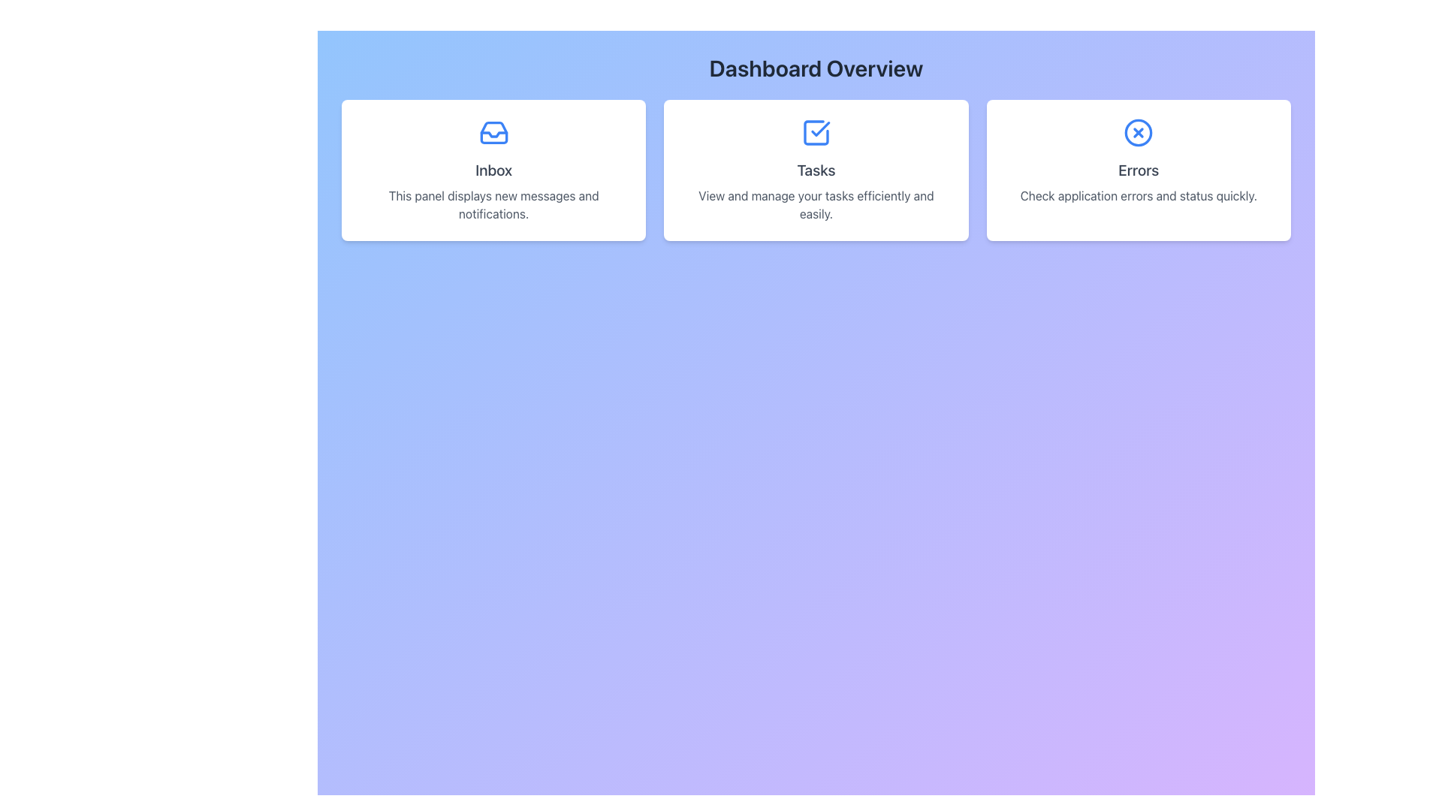 The image size is (1442, 811). What do you see at coordinates (493, 205) in the screenshot?
I see `the text label that explains the purpose of the card, indicating it shows messages and notifications, located at the bottom of a white panel below the bolded 'Inbox' title and inbox envelope icon` at bounding box center [493, 205].